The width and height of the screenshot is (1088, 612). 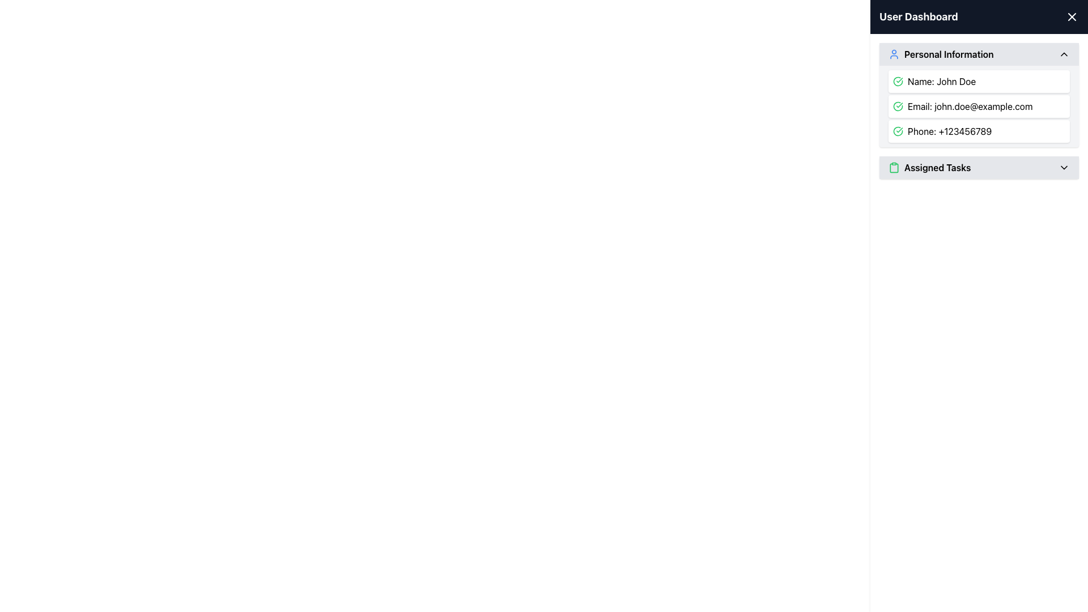 I want to click on the Chevron Icon located at the far right of the 'Assigned Tasks' section, so click(x=1063, y=168).